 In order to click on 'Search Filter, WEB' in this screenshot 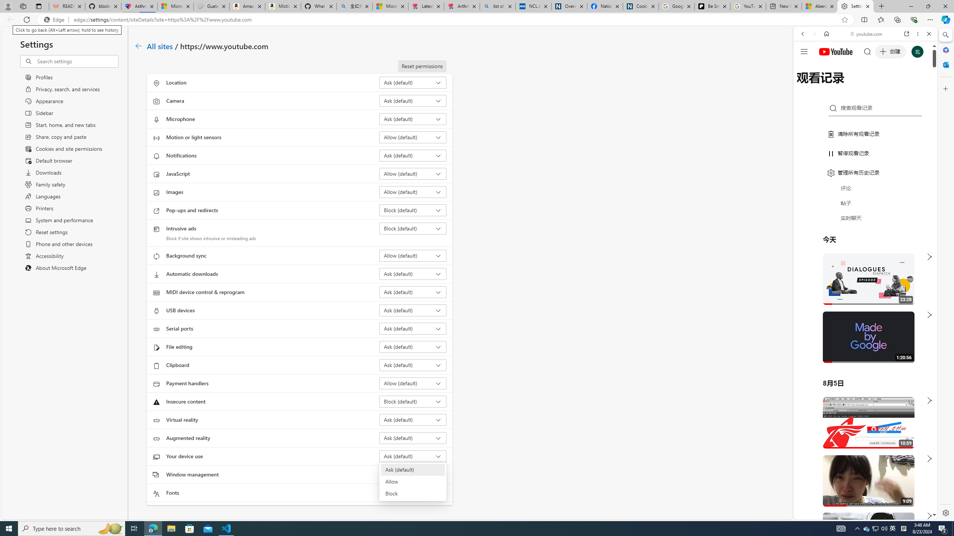, I will do `click(806, 84)`.